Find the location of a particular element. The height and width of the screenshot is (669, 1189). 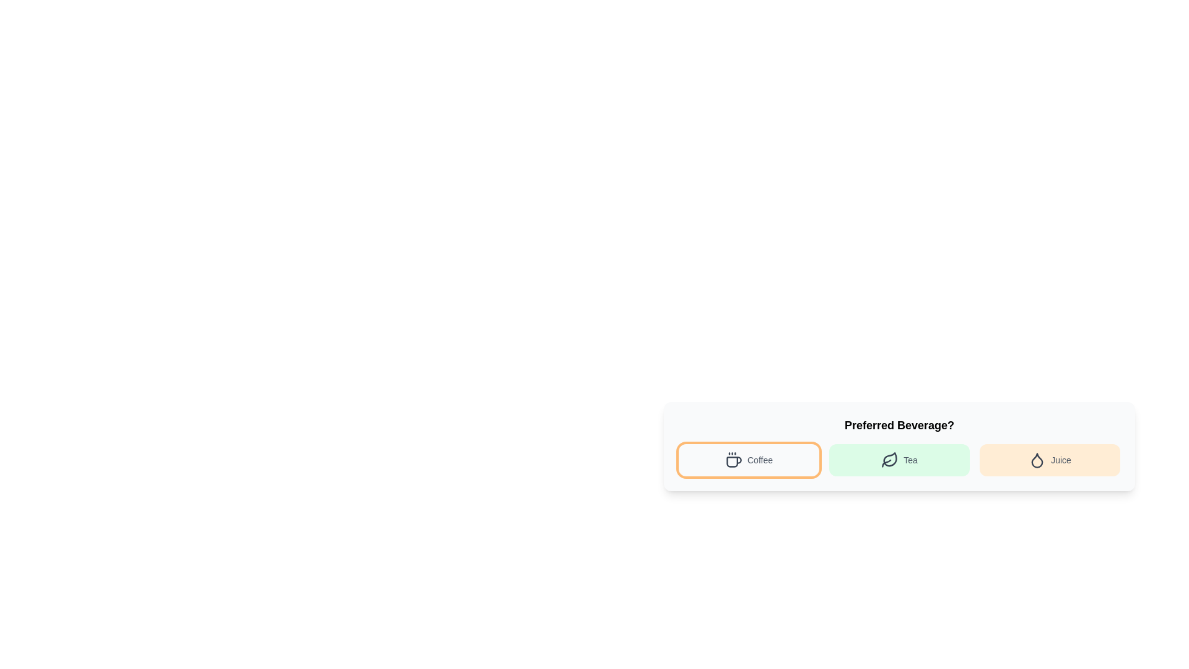

the 'Tea' icon in the 'Preferred Beverage?' selection bar, which is the second button with a green background is located at coordinates (889, 459).